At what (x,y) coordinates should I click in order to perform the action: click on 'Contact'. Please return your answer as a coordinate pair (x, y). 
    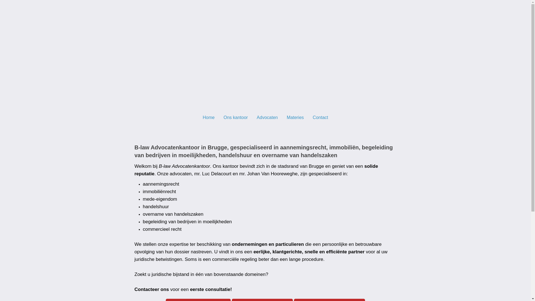
    Looking at the image, I should click on (320, 116).